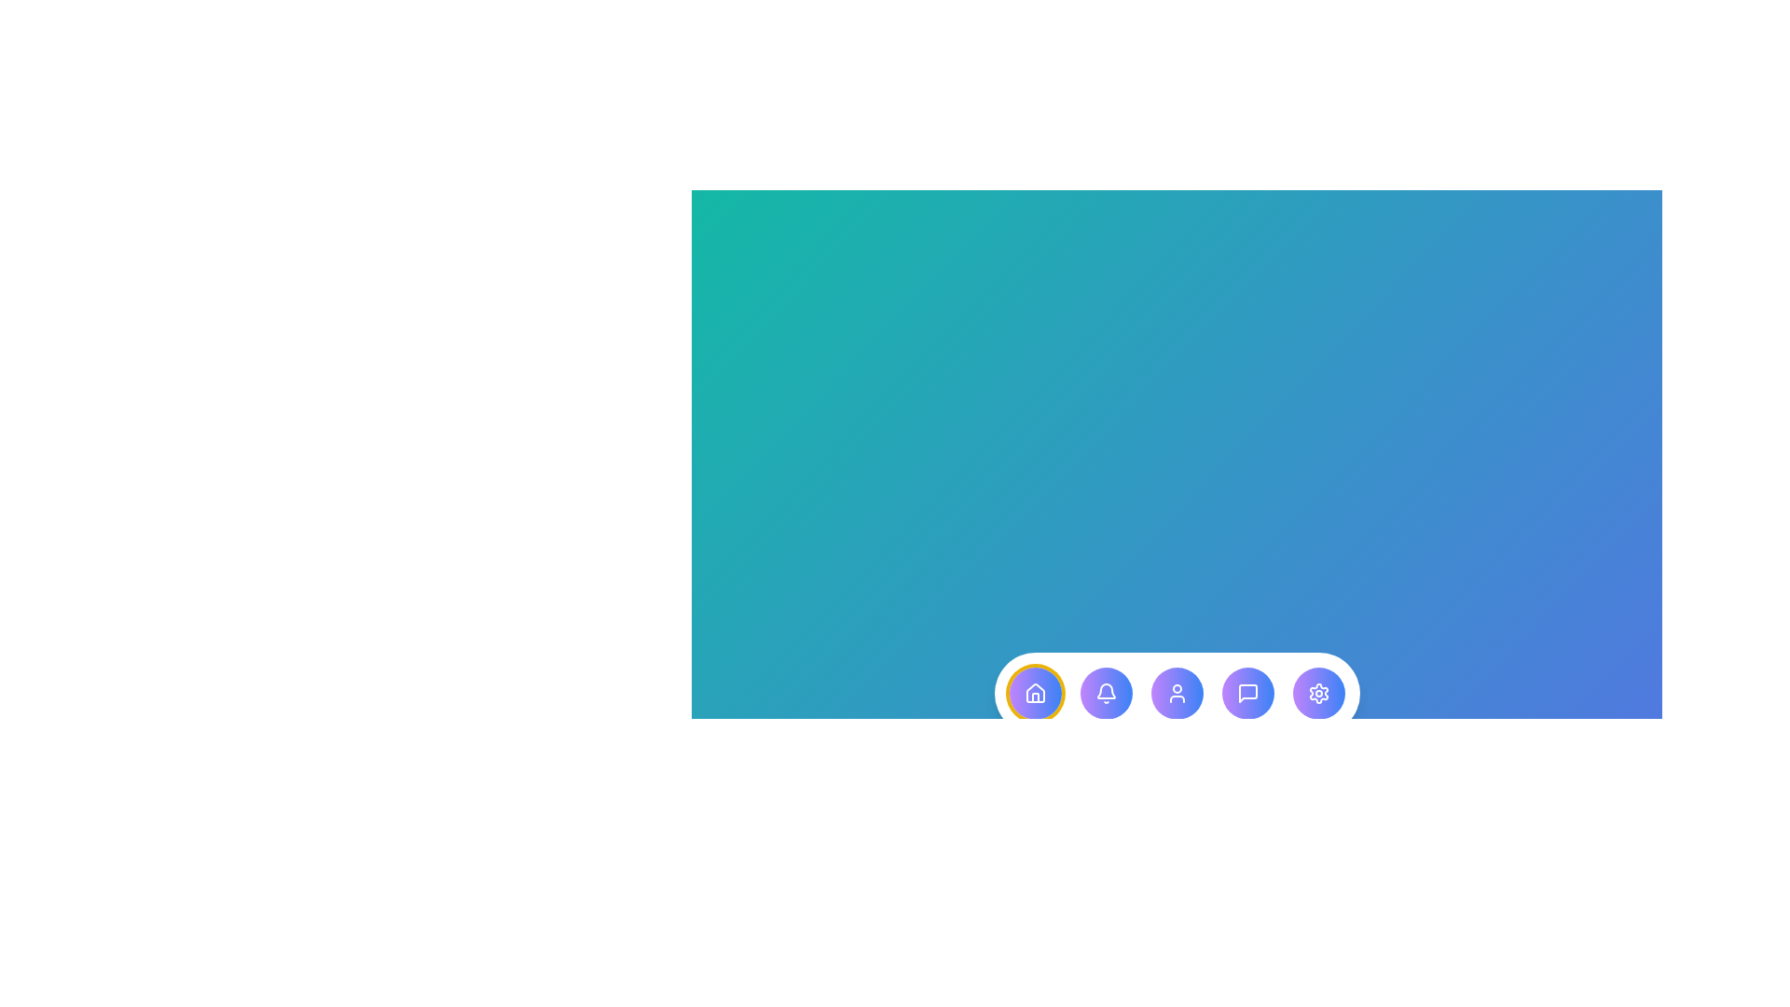 The height and width of the screenshot is (1007, 1790). What do you see at coordinates (1034, 694) in the screenshot?
I see `the menu item corresponding to Dashboard` at bounding box center [1034, 694].